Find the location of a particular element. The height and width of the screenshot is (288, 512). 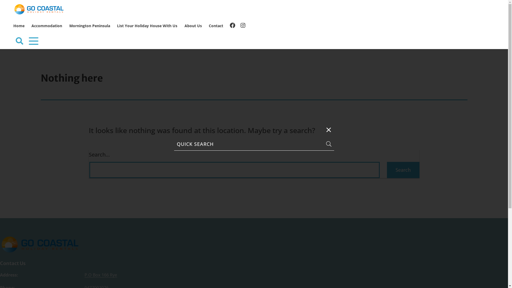

'P.O Box 166 Rye' is located at coordinates (101, 275).